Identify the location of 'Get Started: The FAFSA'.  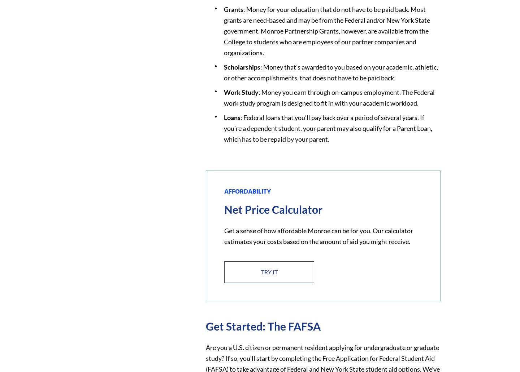
(263, 325).